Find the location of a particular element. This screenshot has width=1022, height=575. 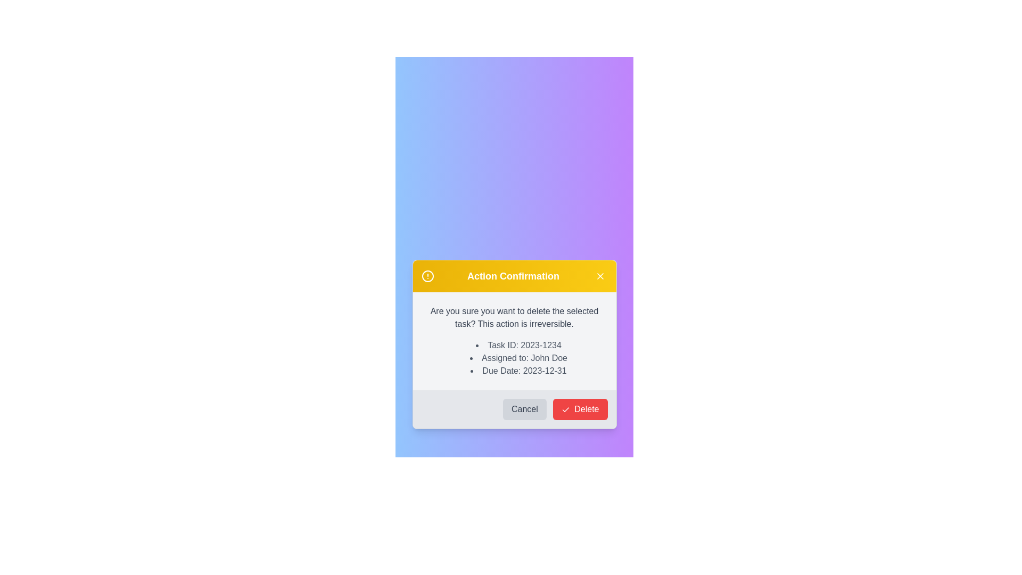

the circular graphical element that serves as the background for the alert icon in the 'Action Confirmation' dialog box is located at coordinates (427, 276).